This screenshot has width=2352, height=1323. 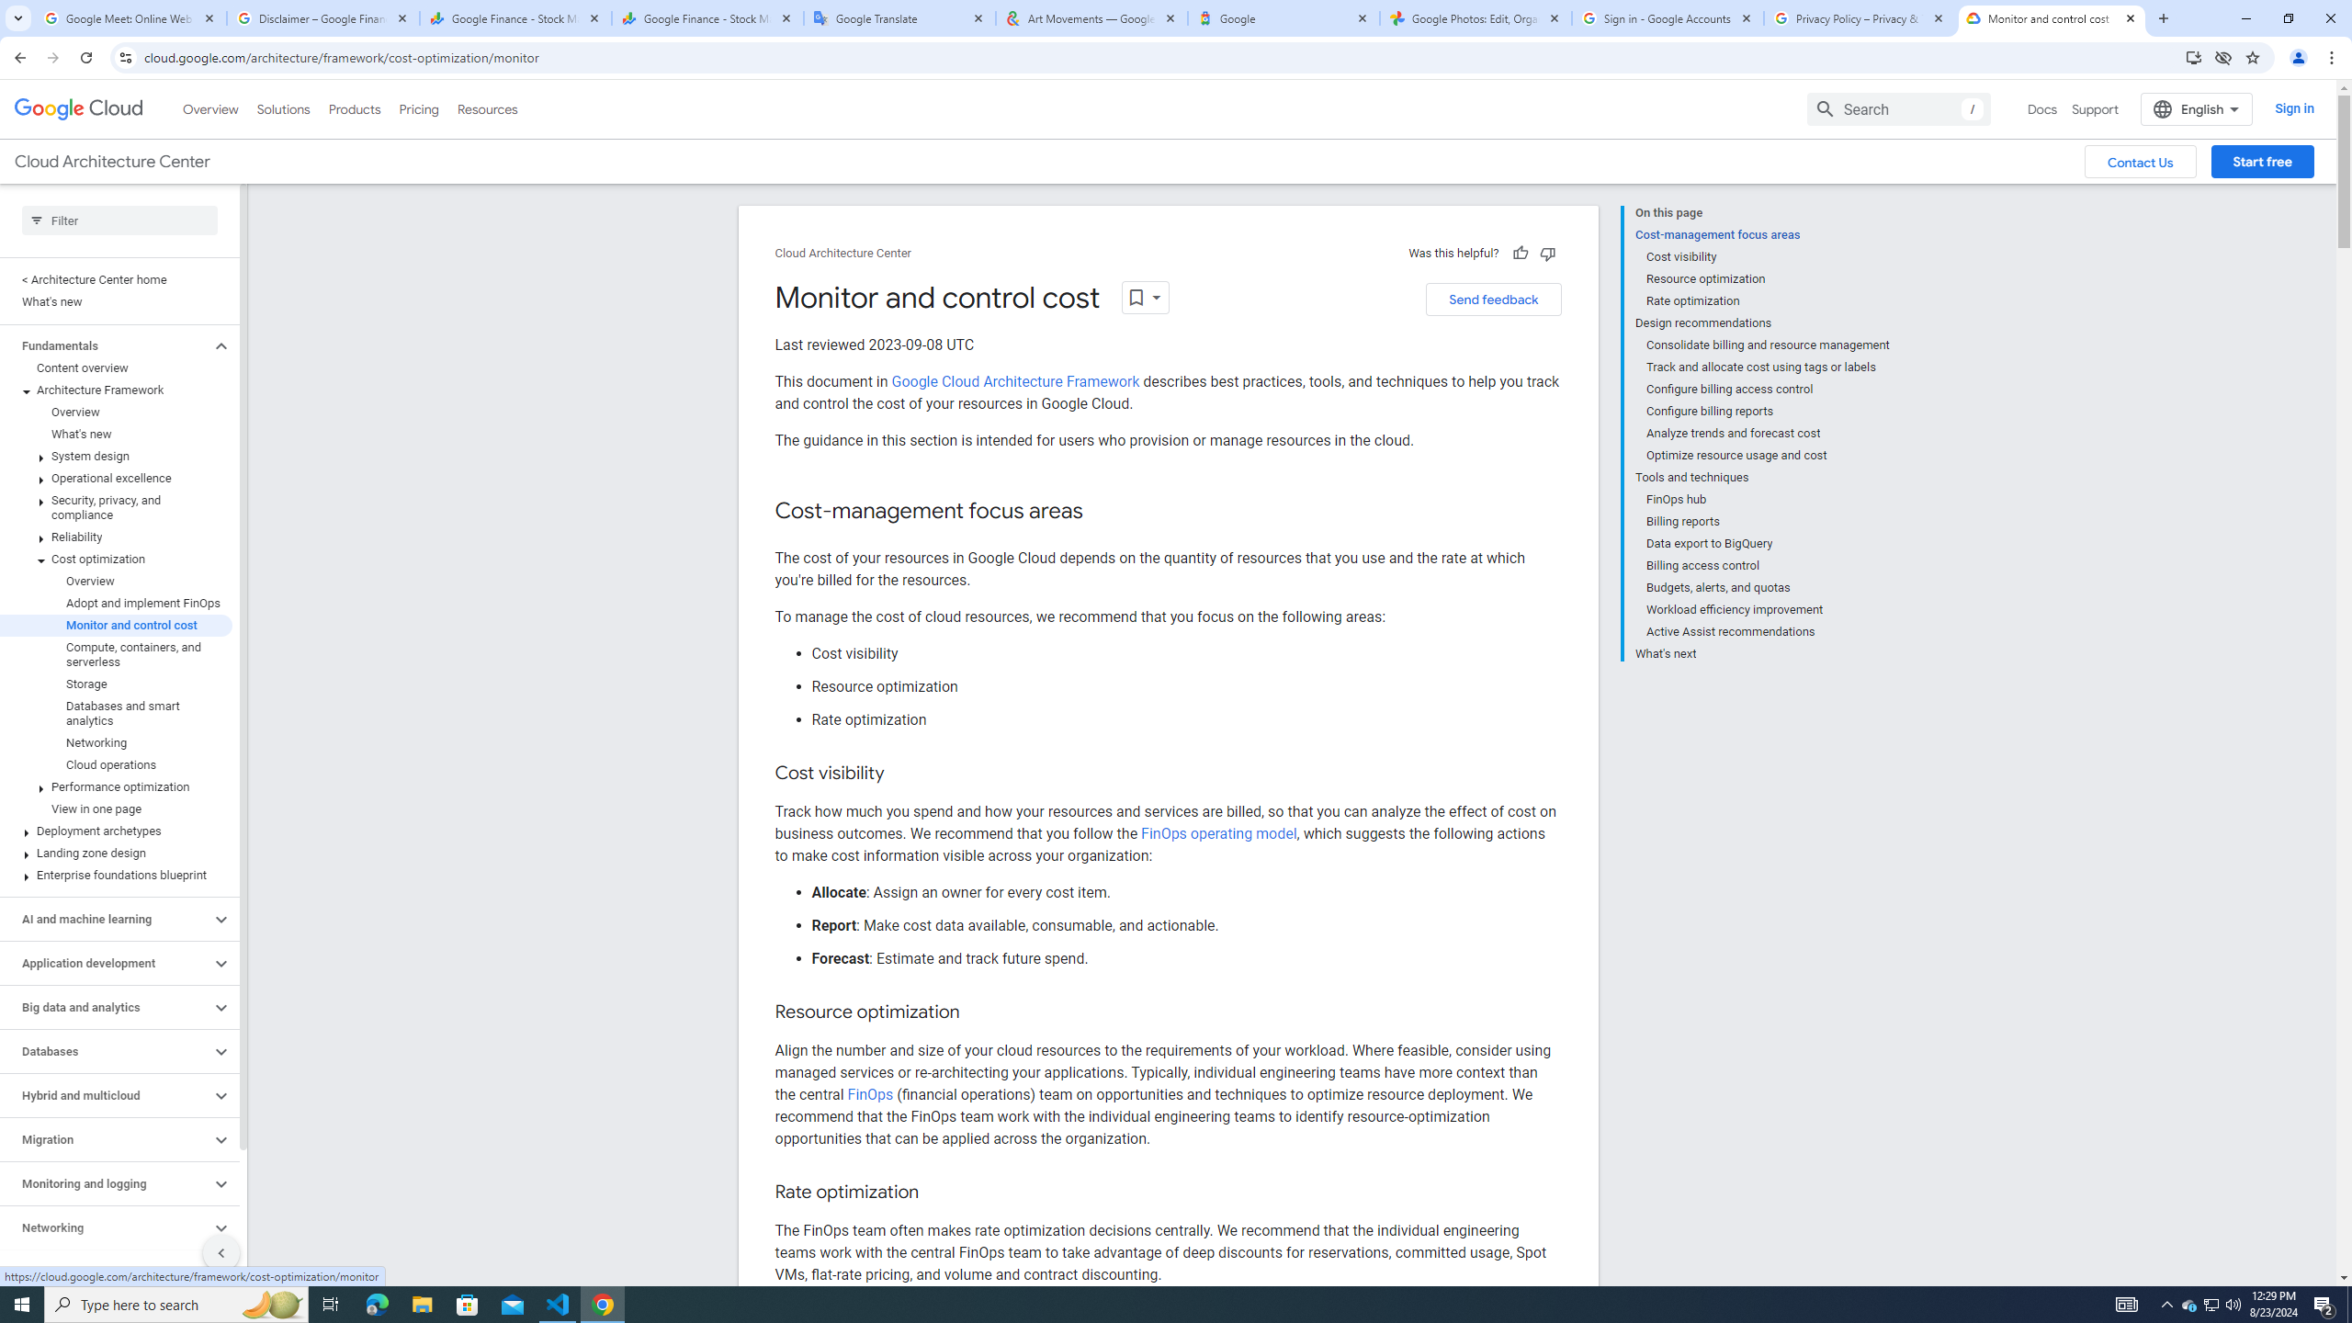 What do you see at coordinates (1761, 233) in the screenshot?
I see `'Cost-management focus areas'` at bounding box center [1761, 233].